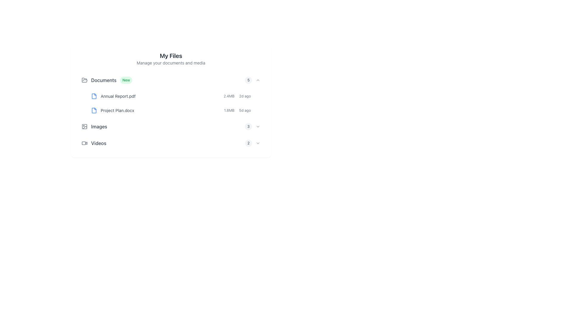  I want to click on the text element associated with the icon located below the 'Images' section, so click(94, 143).